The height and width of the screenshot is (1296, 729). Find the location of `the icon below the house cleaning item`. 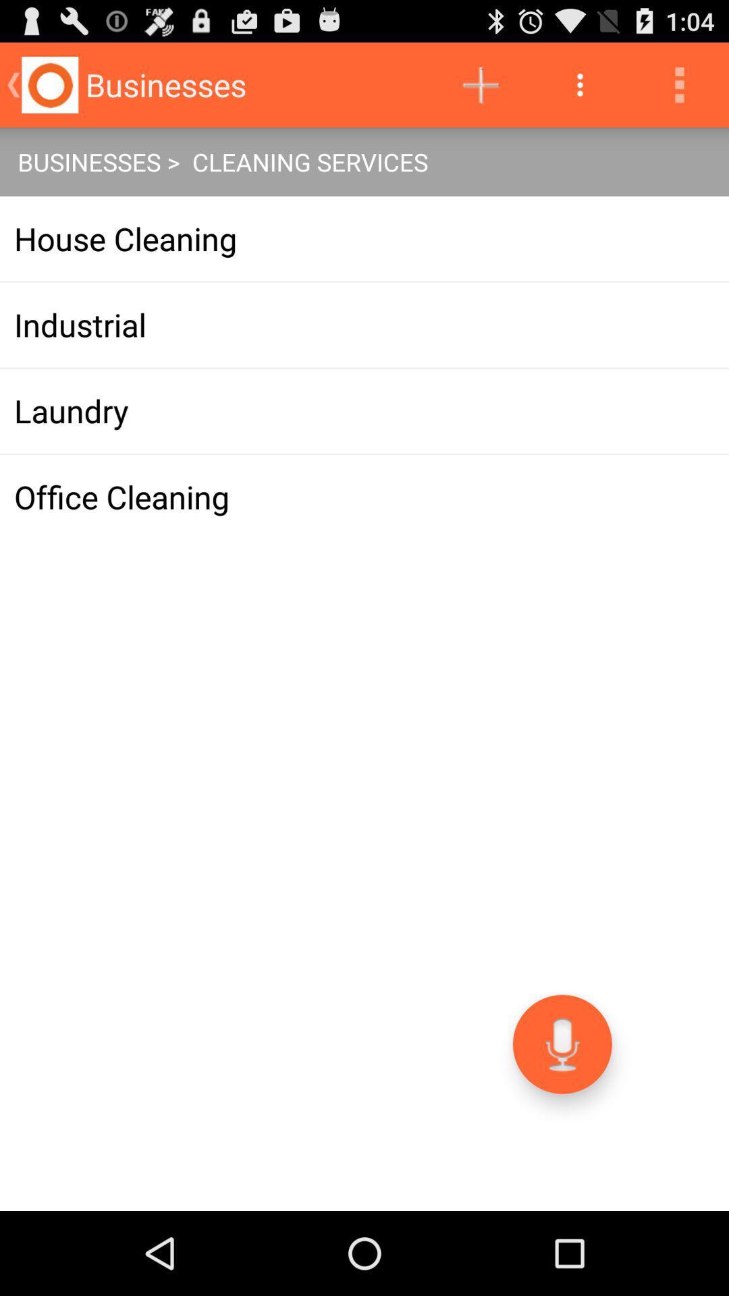

the icon below the house cleaning item is located at coordinates (364, 325).